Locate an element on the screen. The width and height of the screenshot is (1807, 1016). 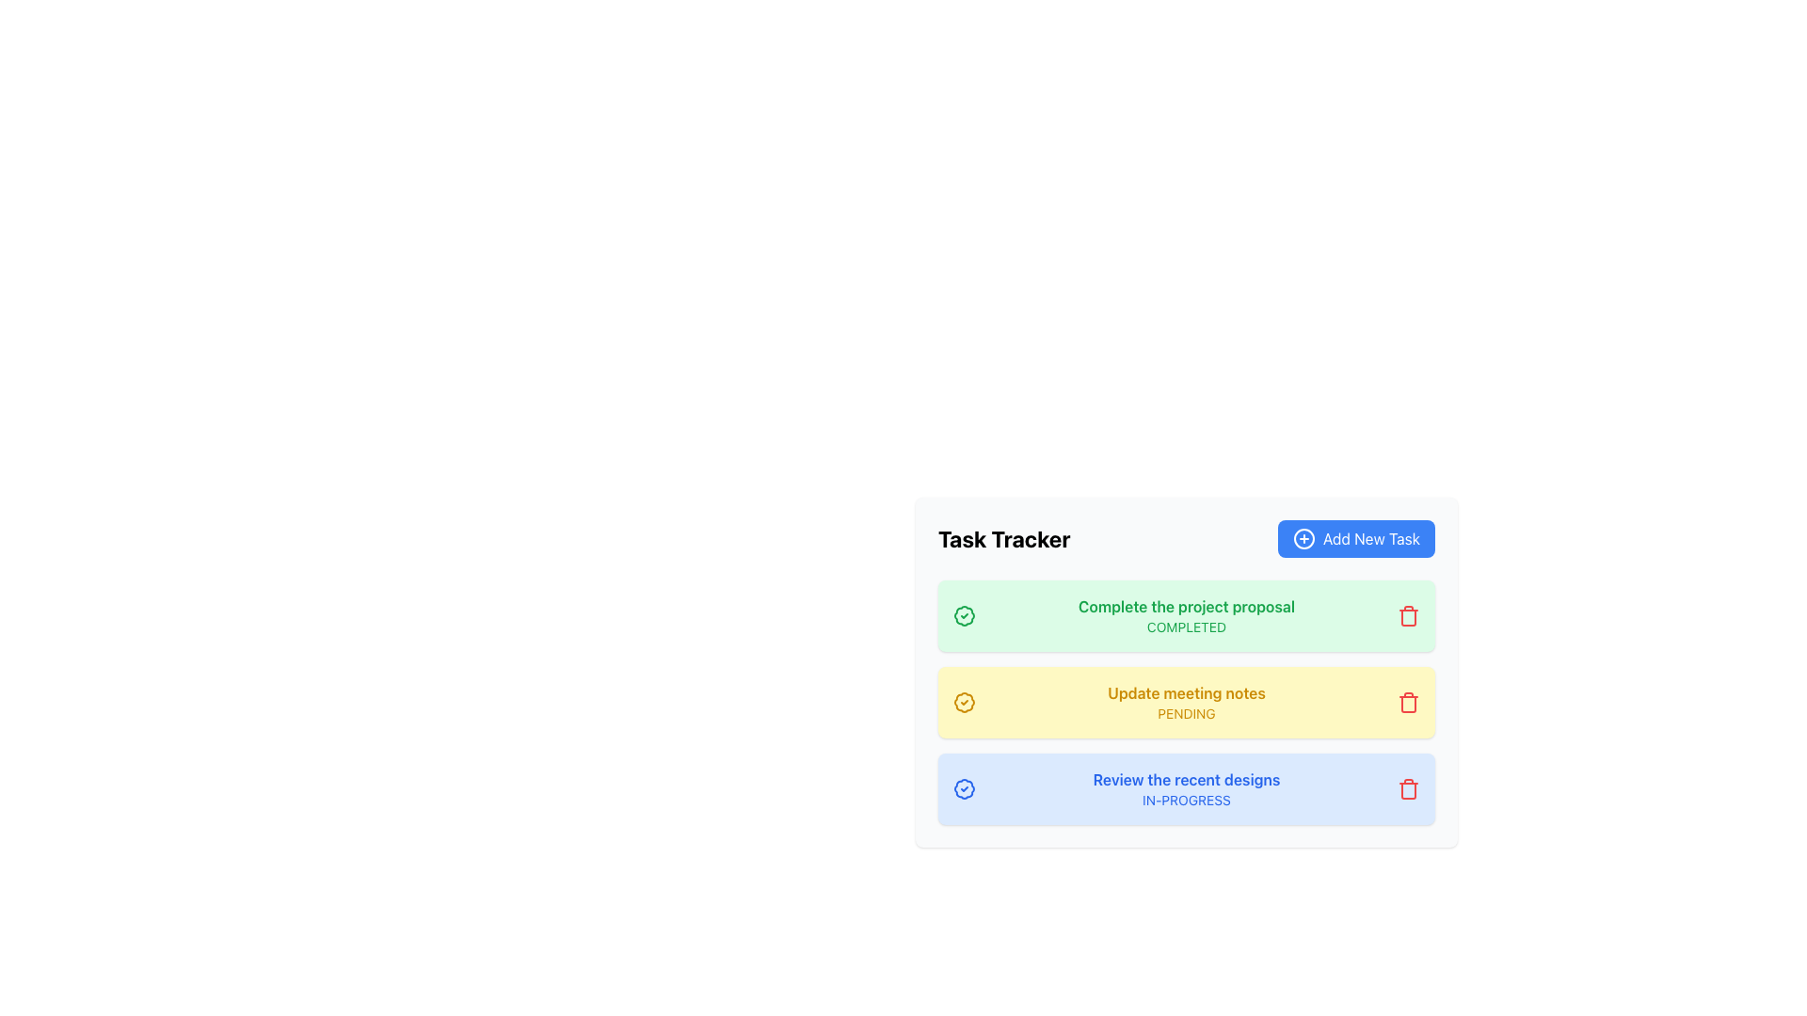
'Task Tracker' title for context by focusing on the Toolbar at the top of the task management interface is located at coordinates (1186, 539).